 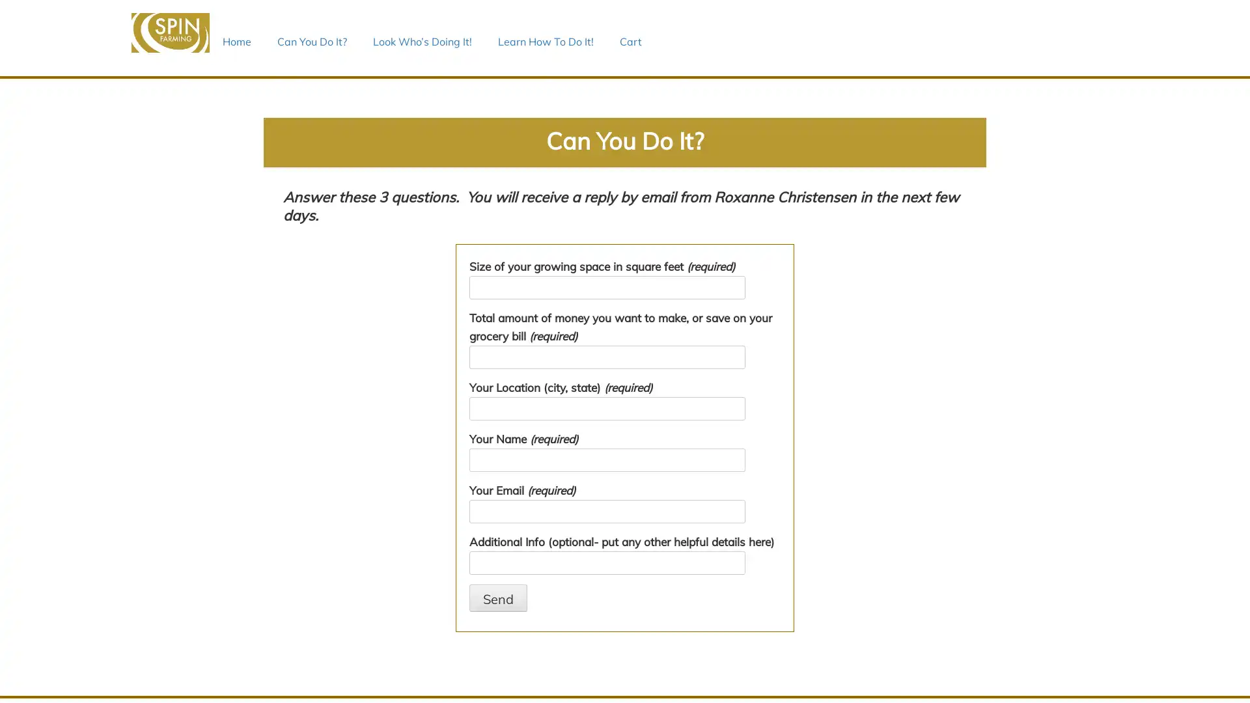 What do you see at coordinates (497, 598) in the screenshot?
I see `Send` at bounding box center [497, 598].